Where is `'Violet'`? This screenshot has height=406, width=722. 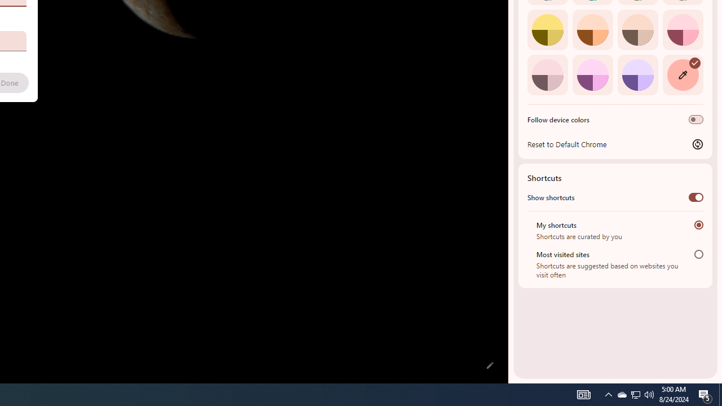 'Violet' is located at coordinates (637, 74).